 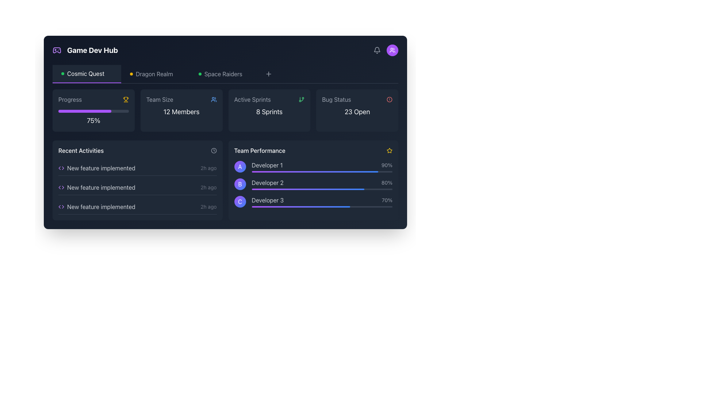 What do you see at coordinates (93, 111) in the screenshot?
I see `the progress on the informative card with a progress bar located in the top-left corner of the dashboard grid to understand the completion percentage` at bounding box center [93, 111].